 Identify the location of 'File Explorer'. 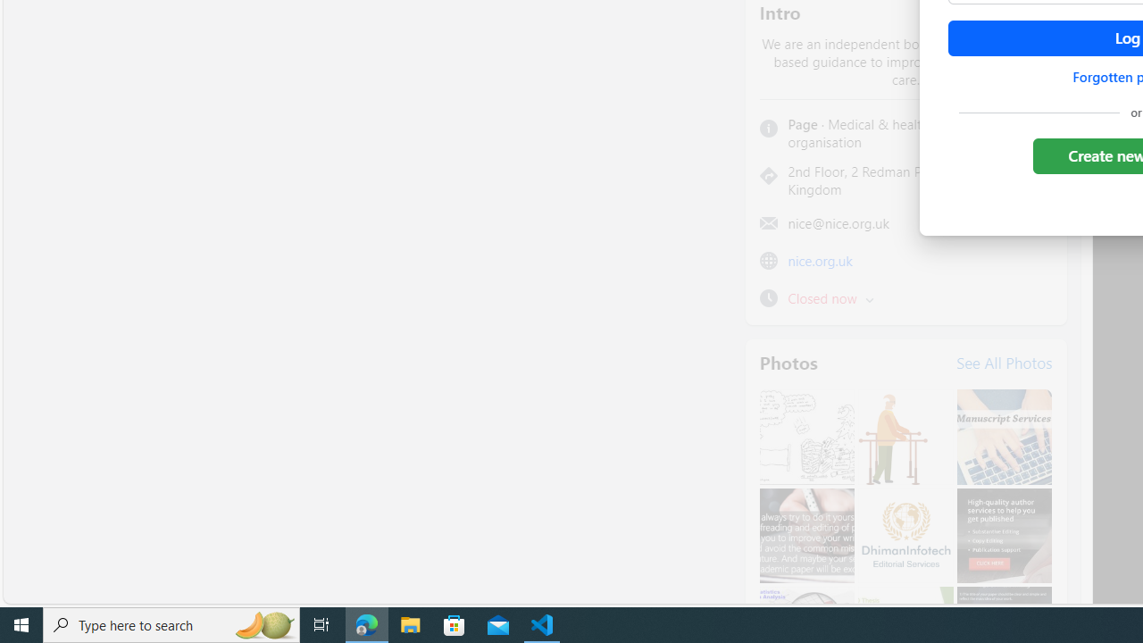
(410, 623).